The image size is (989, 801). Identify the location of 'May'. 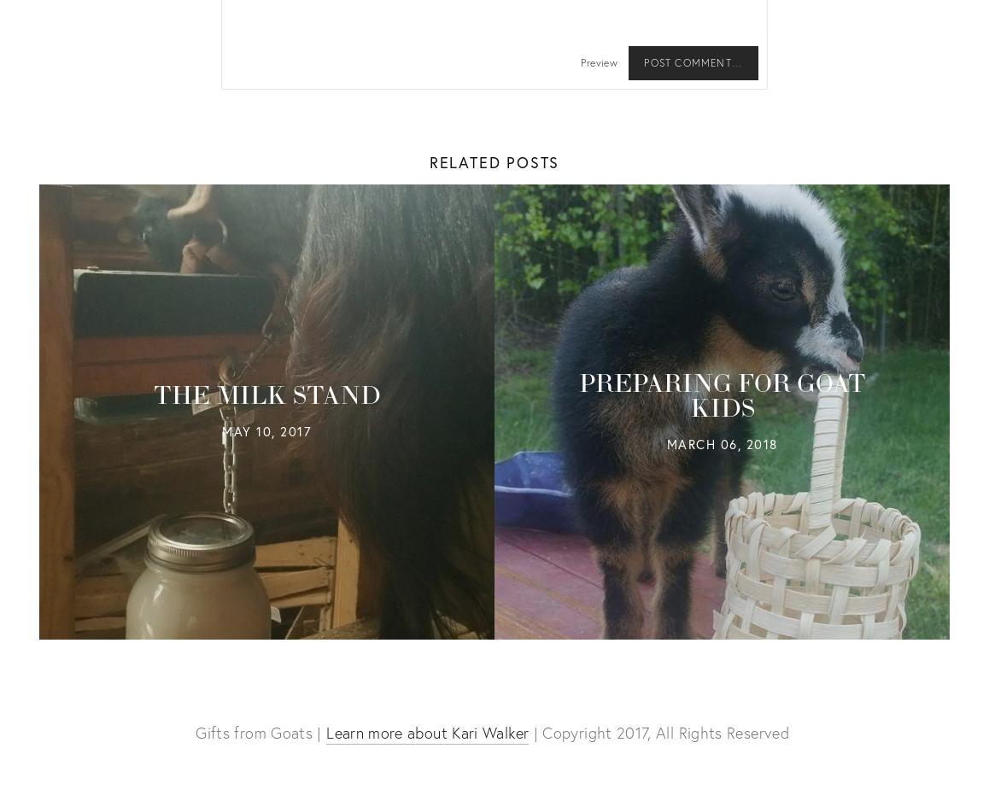
(238, 430).